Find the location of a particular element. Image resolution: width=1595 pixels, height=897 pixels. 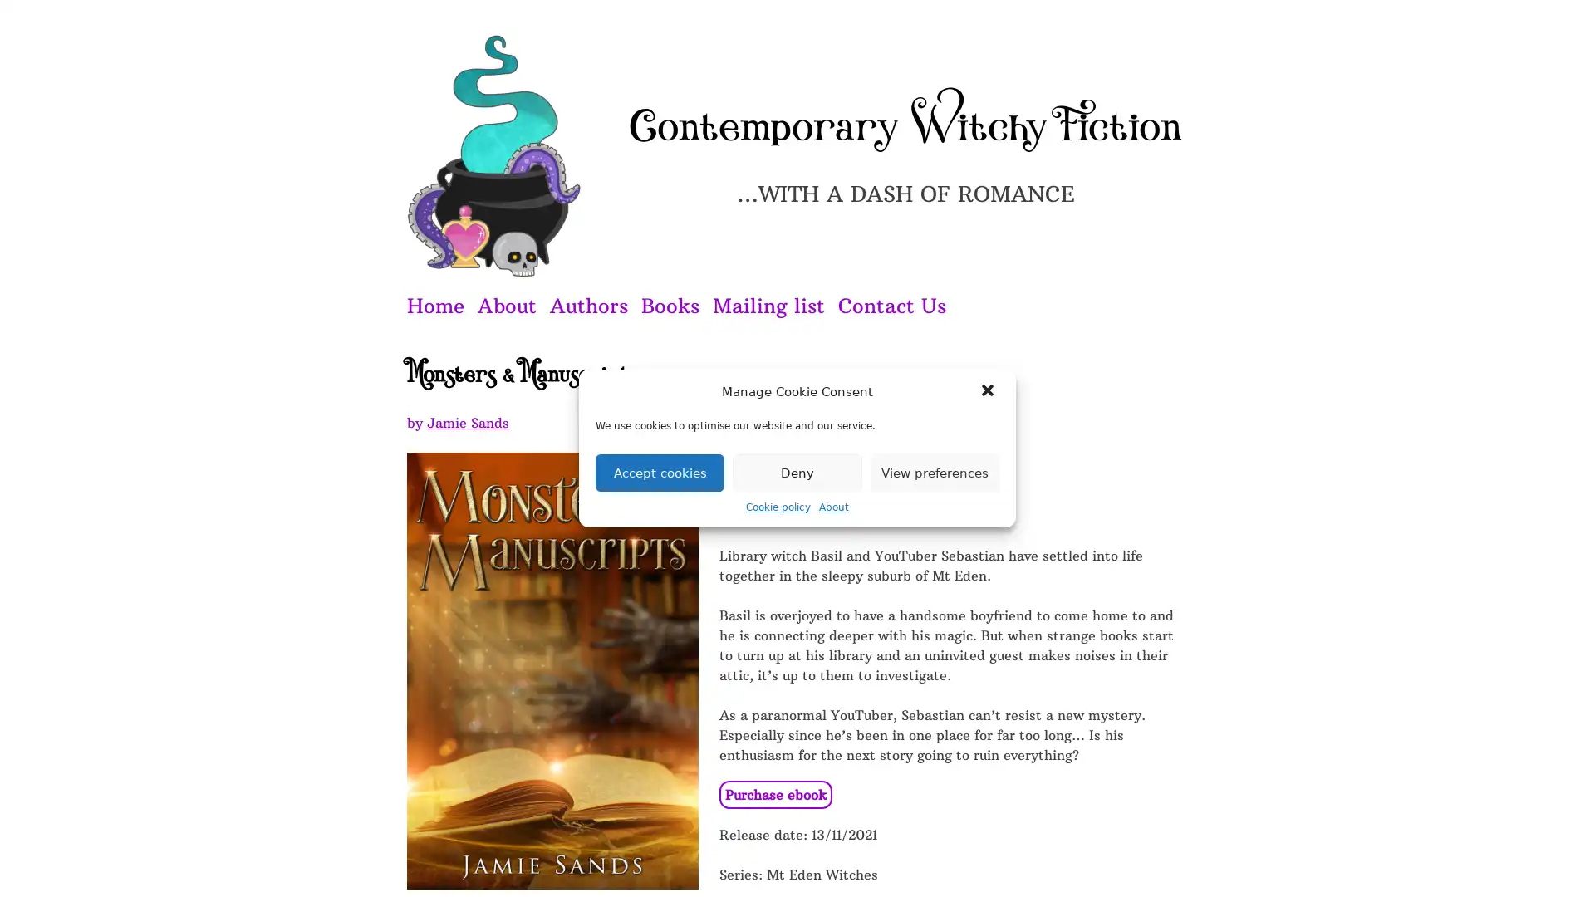

Accept cookies is located at coordinates (659, 473).